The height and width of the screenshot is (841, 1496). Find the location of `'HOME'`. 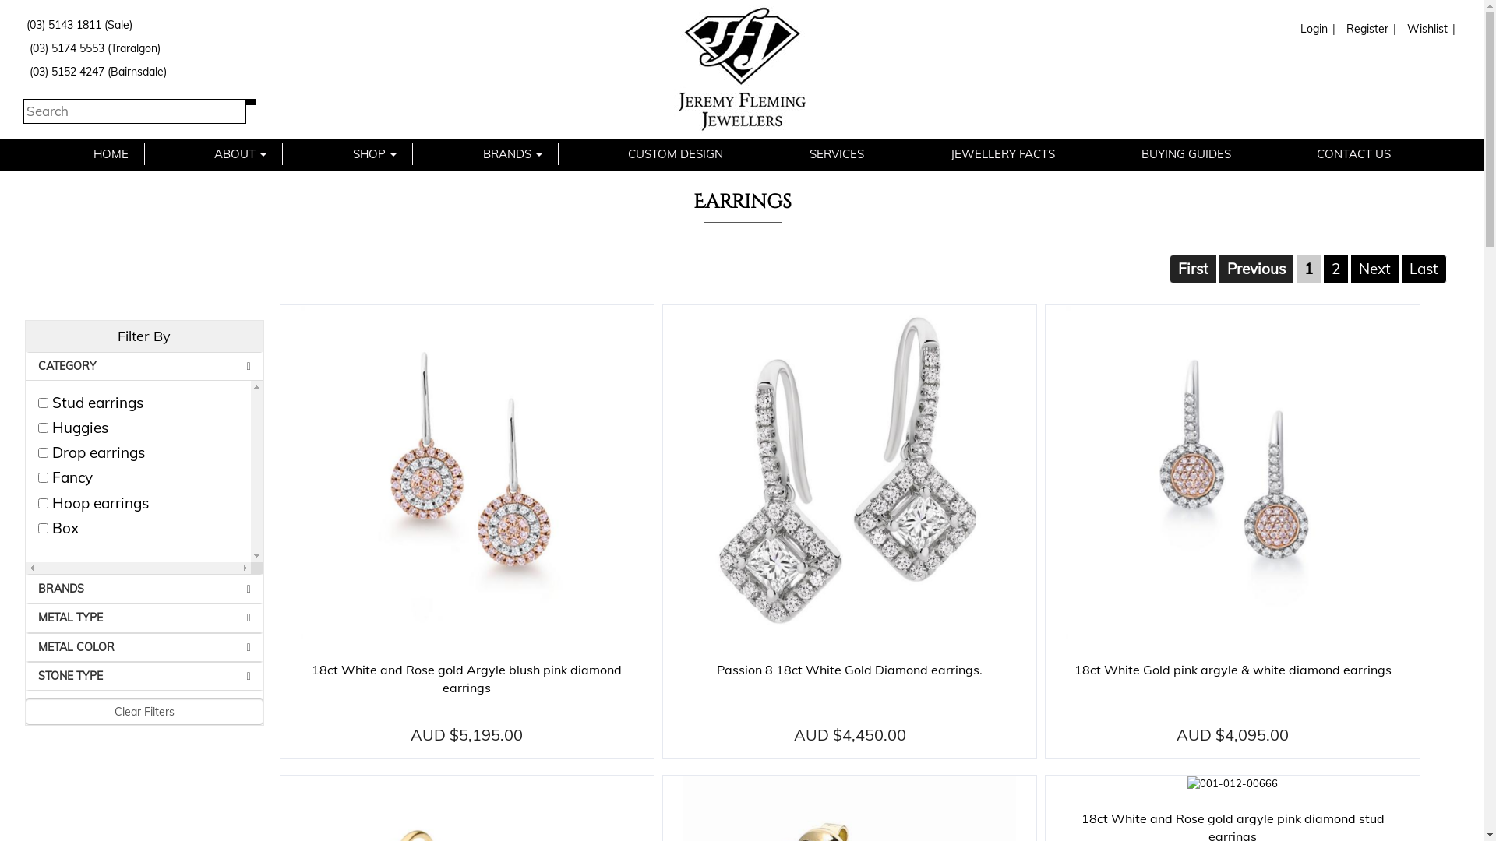

'HOME' is located at coordinates (110, 153).